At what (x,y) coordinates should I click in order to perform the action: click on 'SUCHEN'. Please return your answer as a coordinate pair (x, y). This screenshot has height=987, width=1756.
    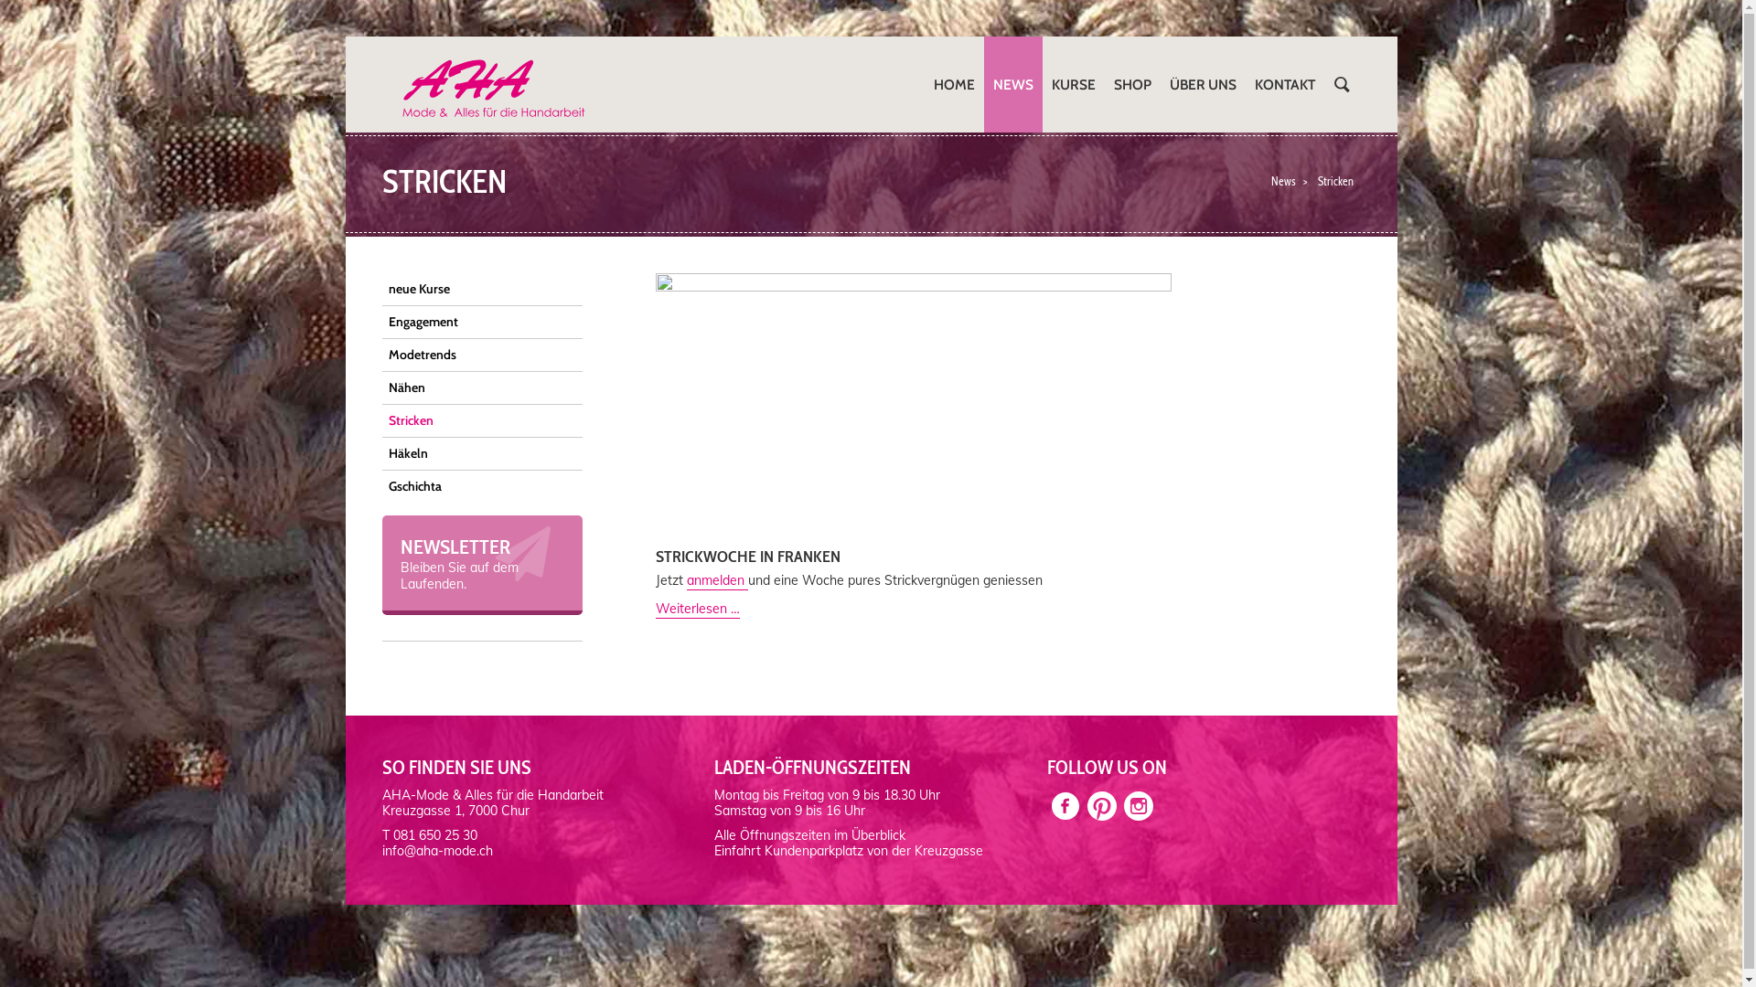
    Looking at the image, I should click on (1343, 84).